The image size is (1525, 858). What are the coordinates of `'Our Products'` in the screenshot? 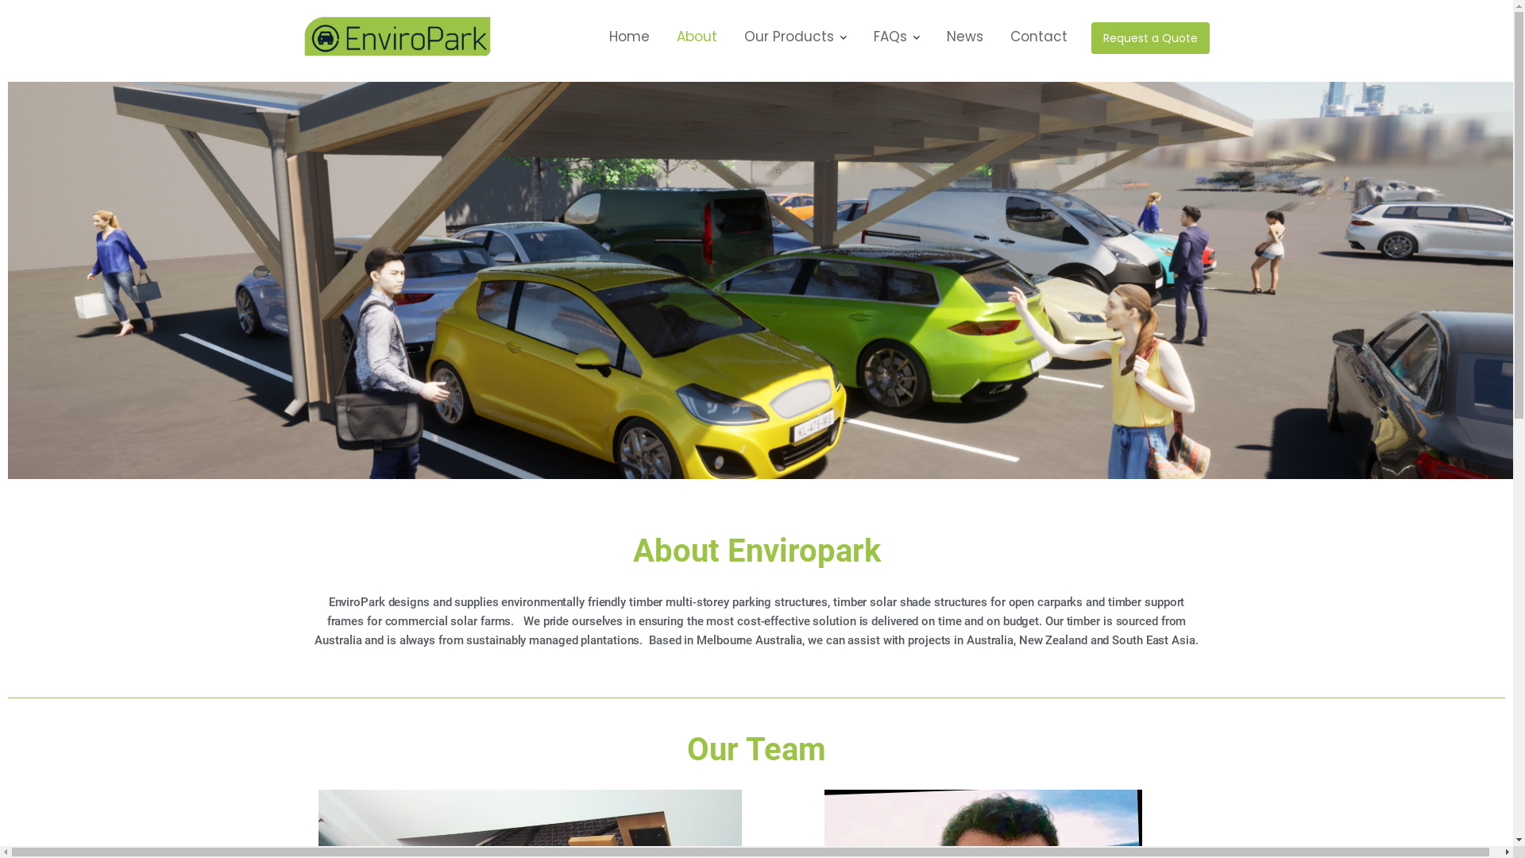 It's located at (795, 36).